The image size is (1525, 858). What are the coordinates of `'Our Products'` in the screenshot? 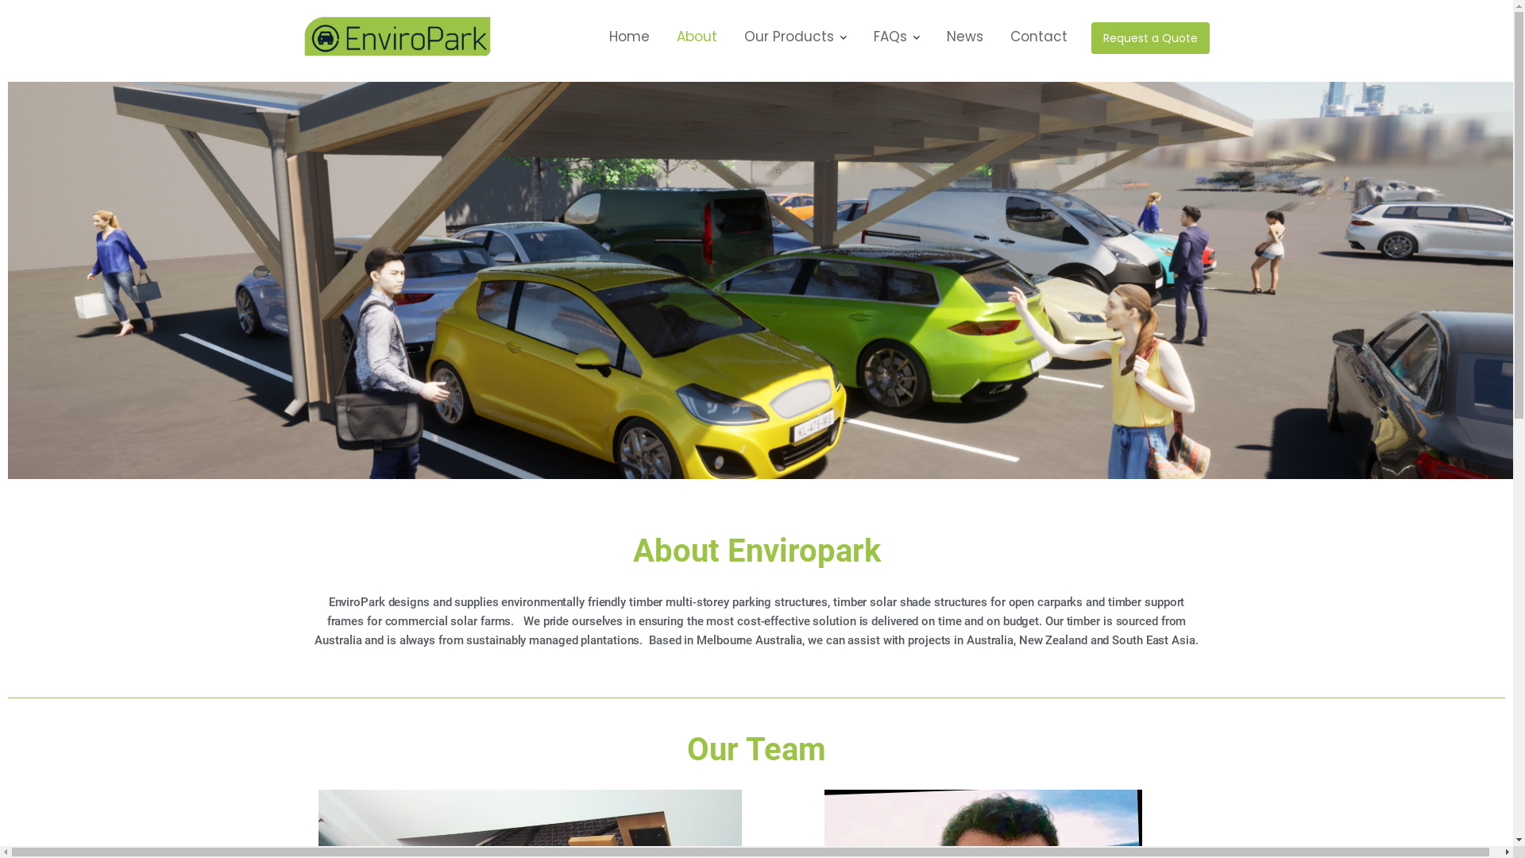 It's located at (795, 36).